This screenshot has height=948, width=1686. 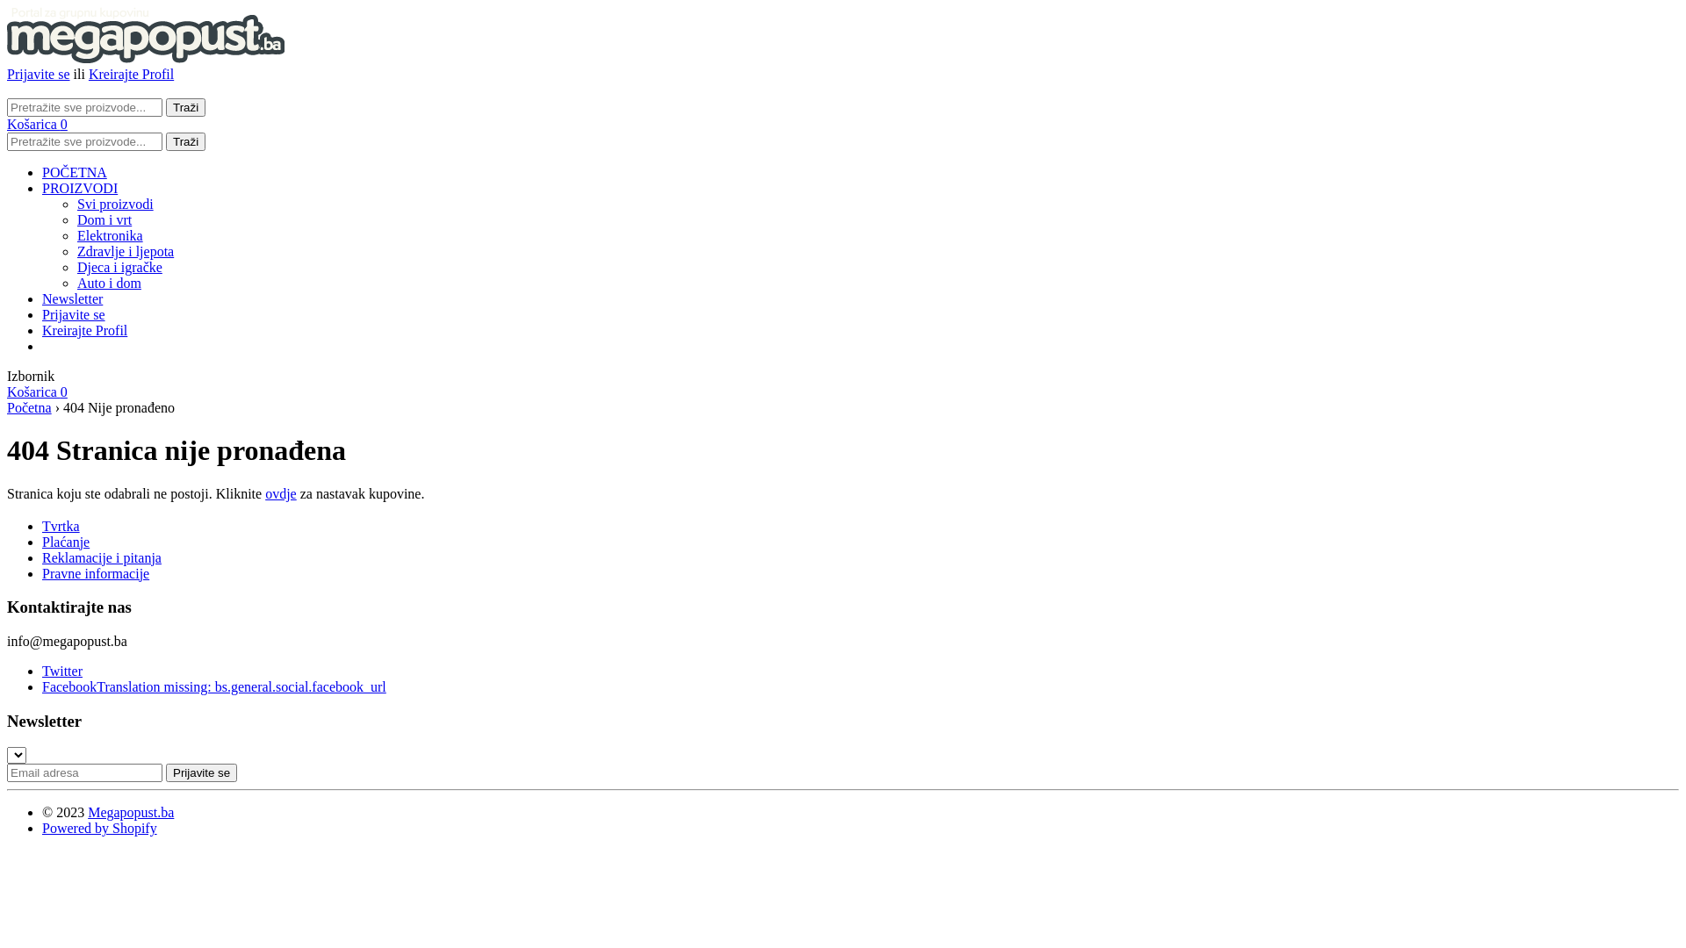 What do you see at coordinates (76, 219) in the screenshot?
I see `'Dom i vrt'` at bounding box center [76, 219].